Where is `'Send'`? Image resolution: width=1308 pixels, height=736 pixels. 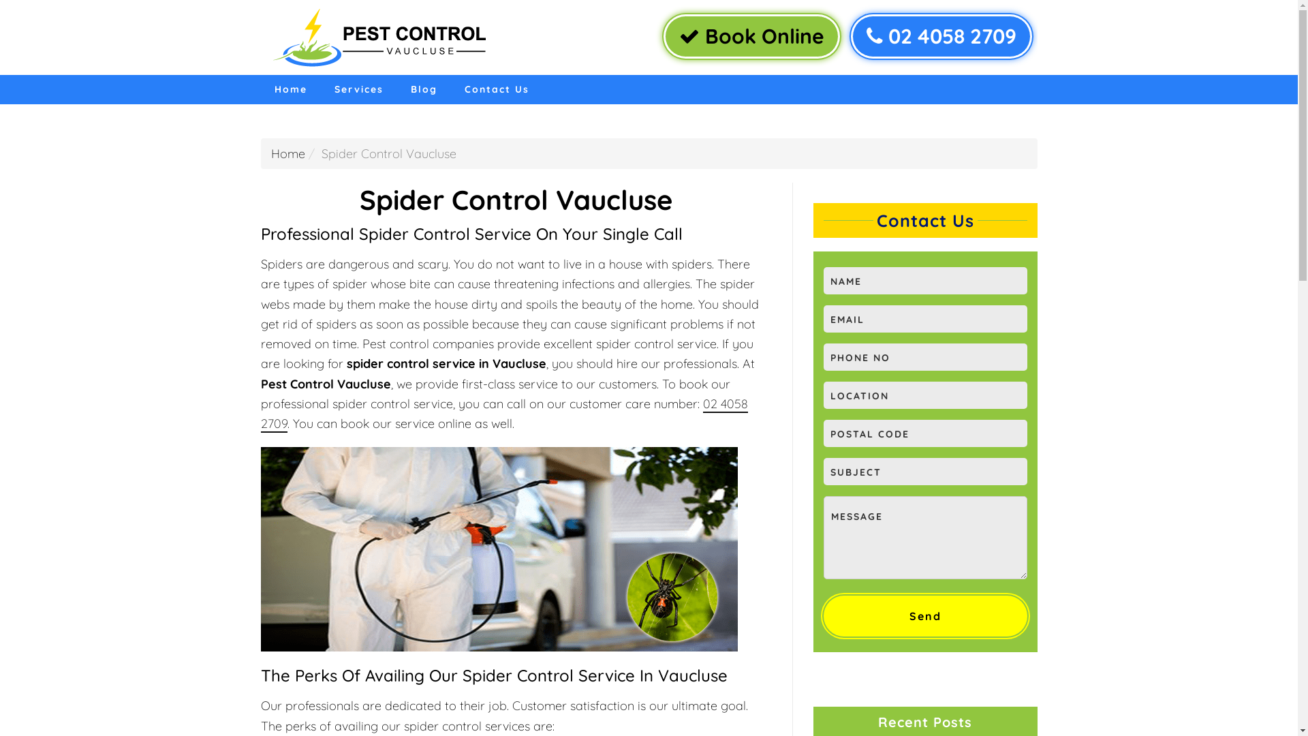 'Send' is located at coordinates (924, 615).